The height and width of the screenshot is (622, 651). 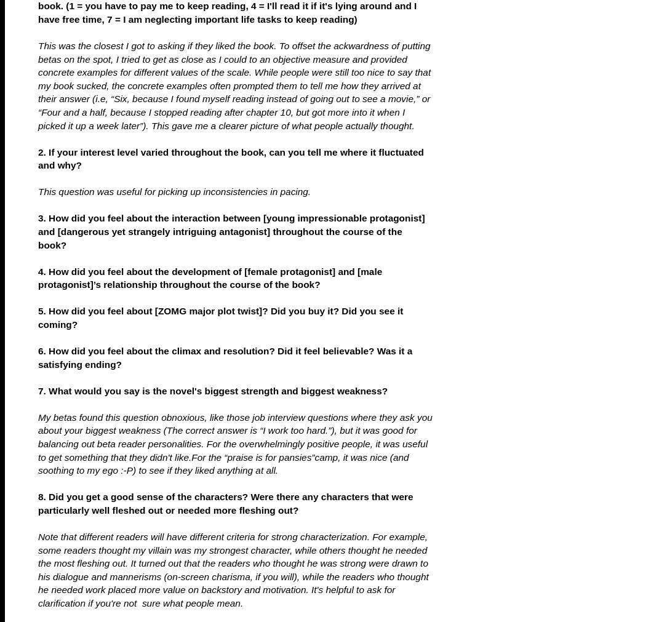 I want to click on '4.  How did you feel about the development of [female protagonist] and [male protagonist]’s relationship throughout the course of the book?', so click(x=38, y=277).